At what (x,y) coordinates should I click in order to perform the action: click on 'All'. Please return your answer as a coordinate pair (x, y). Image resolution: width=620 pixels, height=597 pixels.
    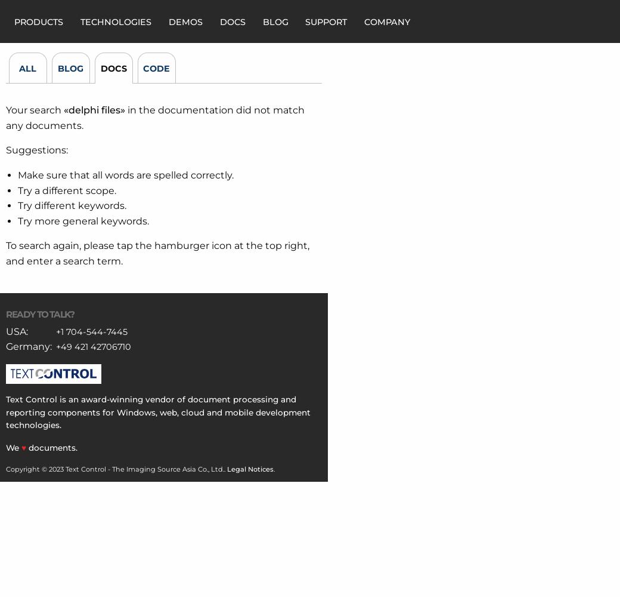
    Looking at the image, I should click on (27, 68).